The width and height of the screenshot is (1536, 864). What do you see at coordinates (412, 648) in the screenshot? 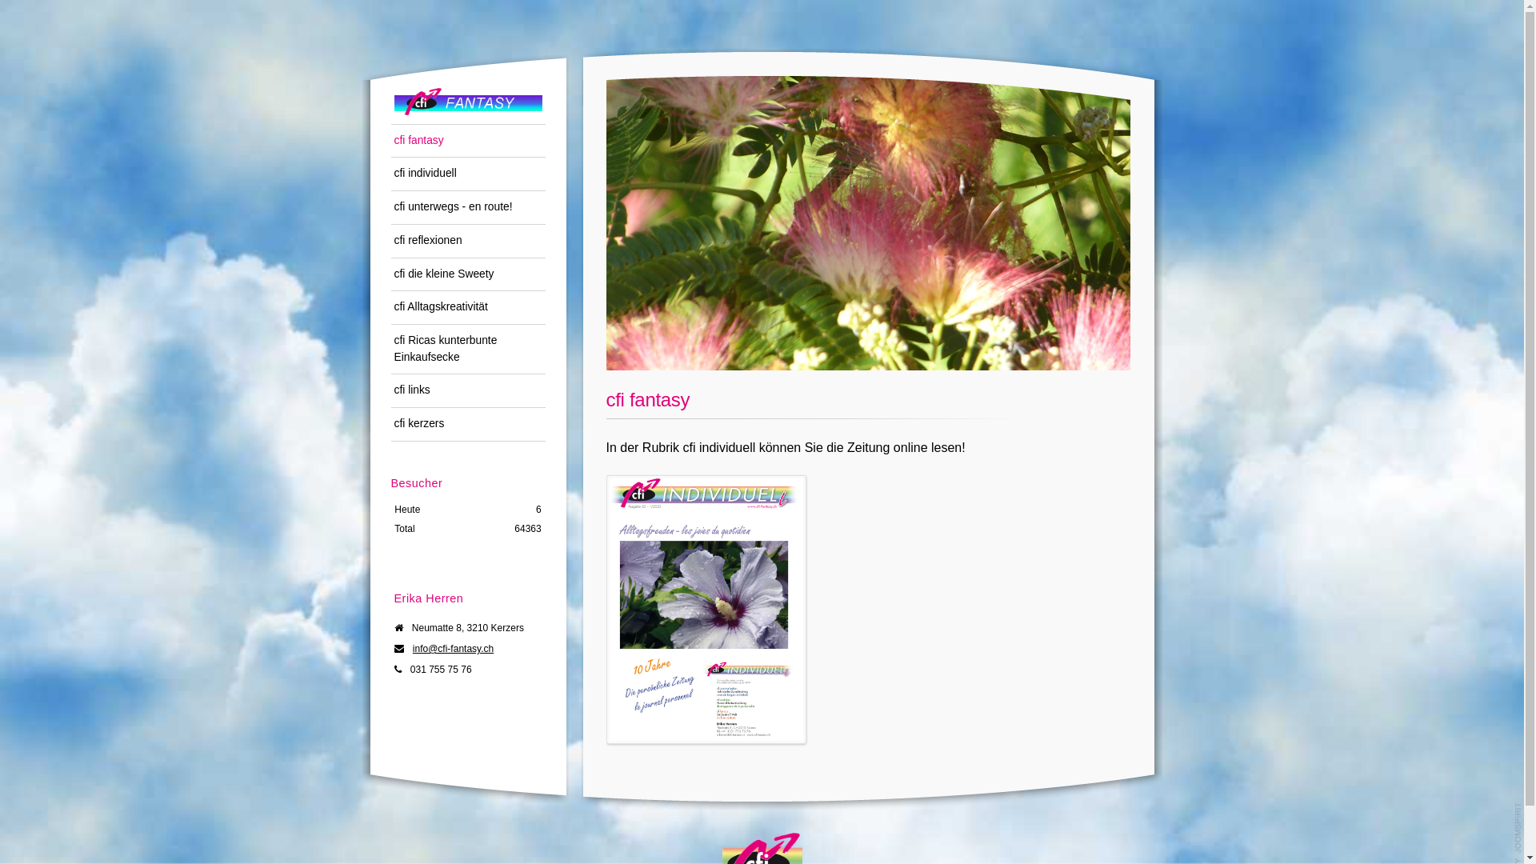
I see `'info@cfi-fantasy.ch'` at bounding box center [412, 648].